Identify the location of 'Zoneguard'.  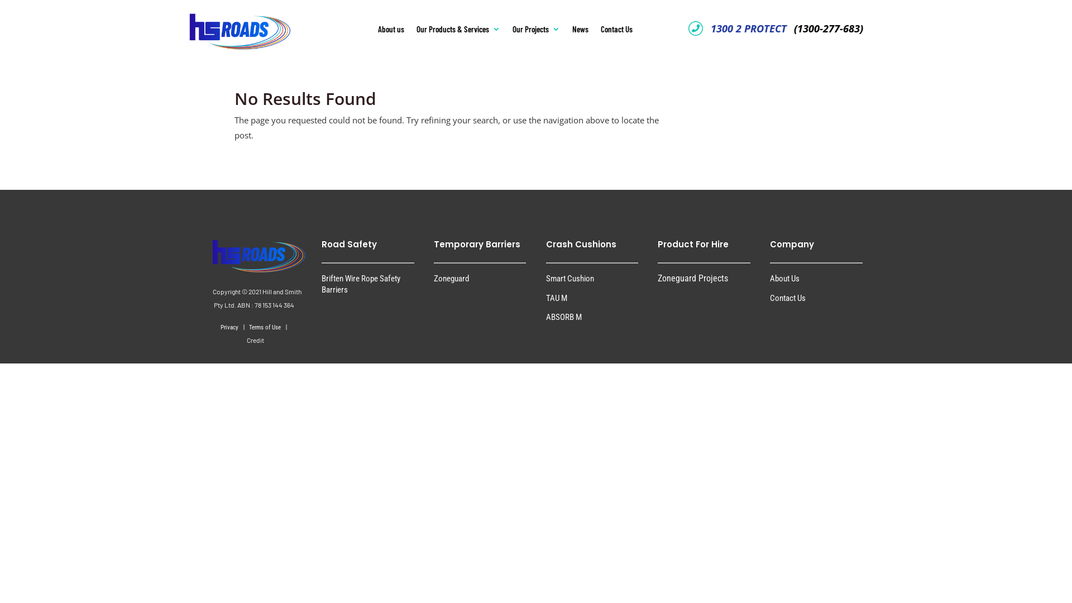
(451, 277).